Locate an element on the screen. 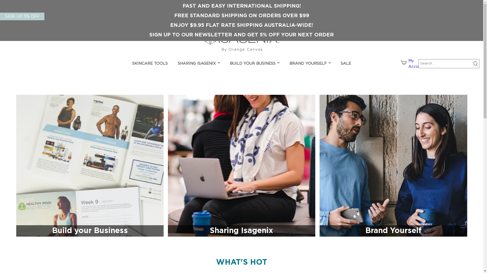 The image size is (487, 273). 'SKINCARE TOOLS' is located at coordinates (149, 64).